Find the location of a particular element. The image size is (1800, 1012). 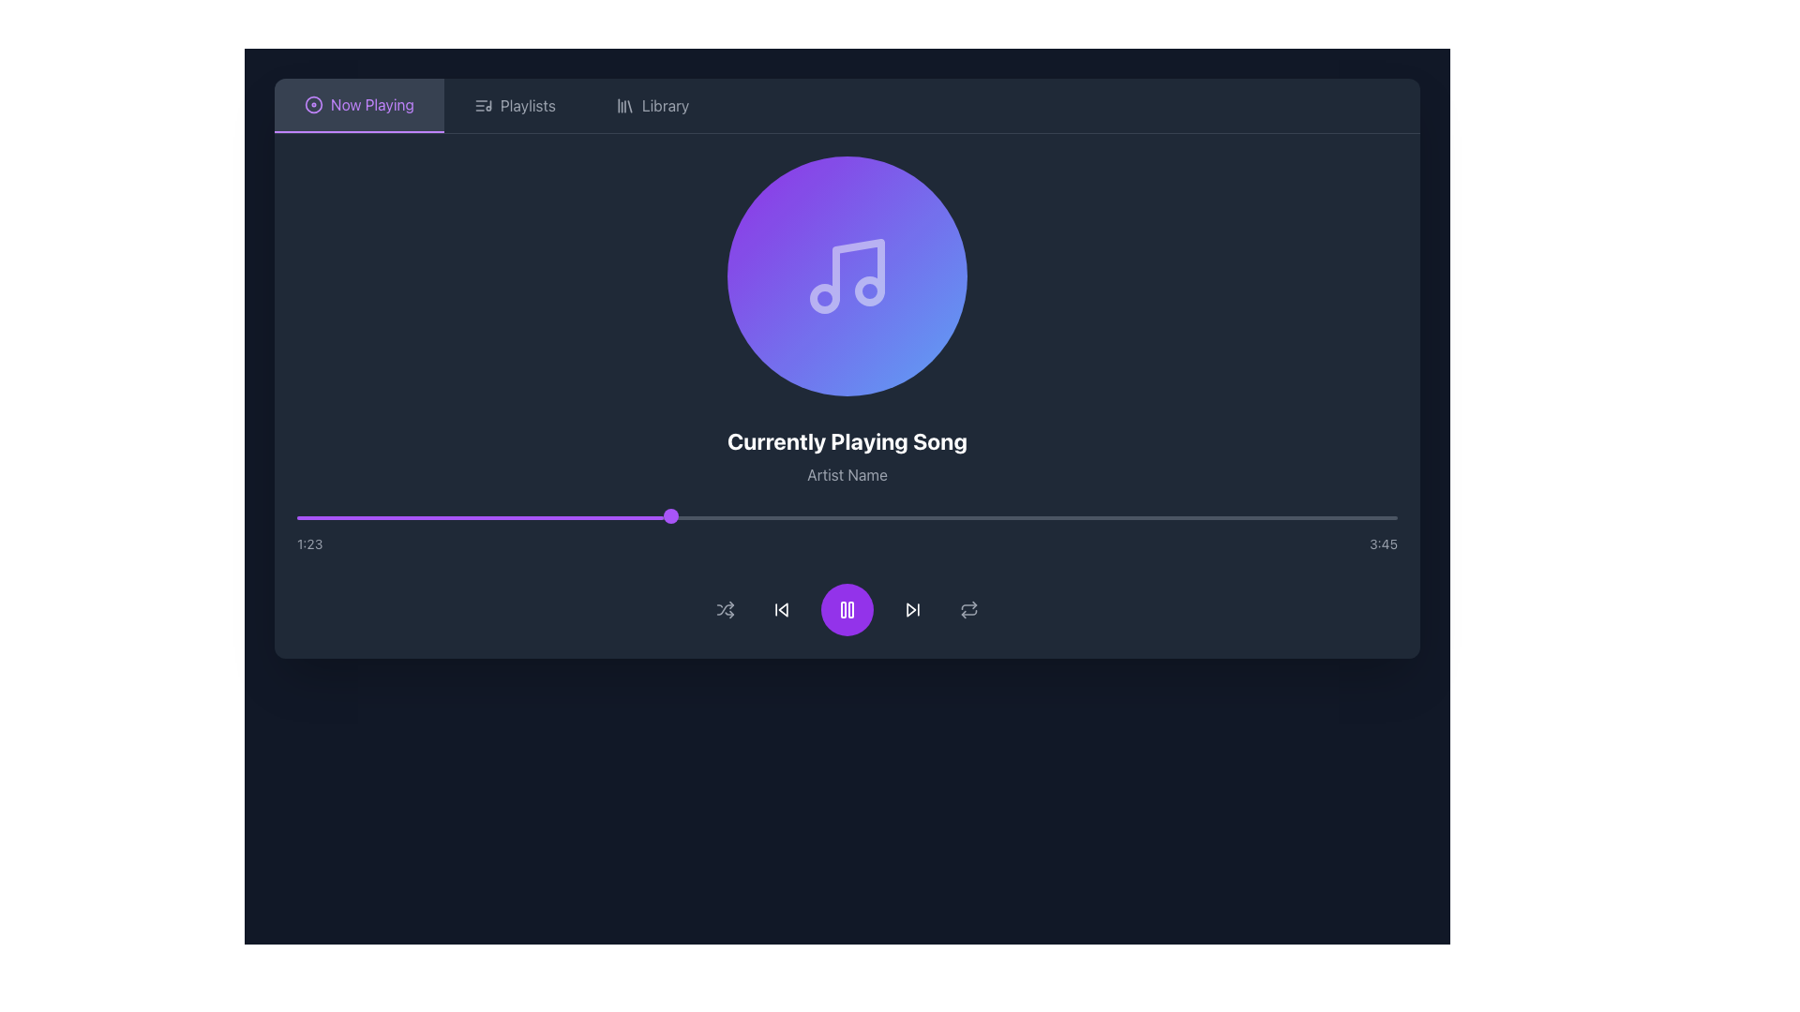

the playback position is located at coordinates (897, 517).